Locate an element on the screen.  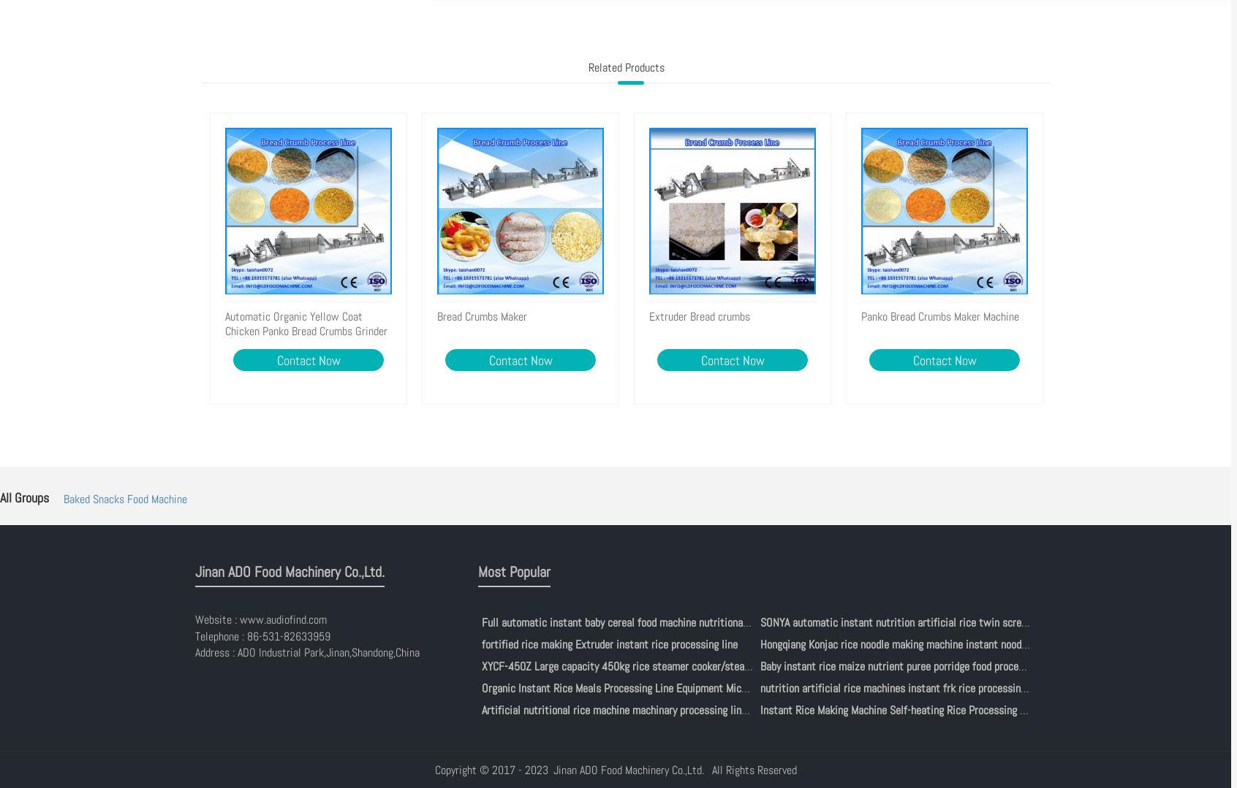
'Organic Instant Rice Meals Processing Line Equipment Micronutrient Fortified Rice Processing Machines Plant' is located at coordinates (725, 687).